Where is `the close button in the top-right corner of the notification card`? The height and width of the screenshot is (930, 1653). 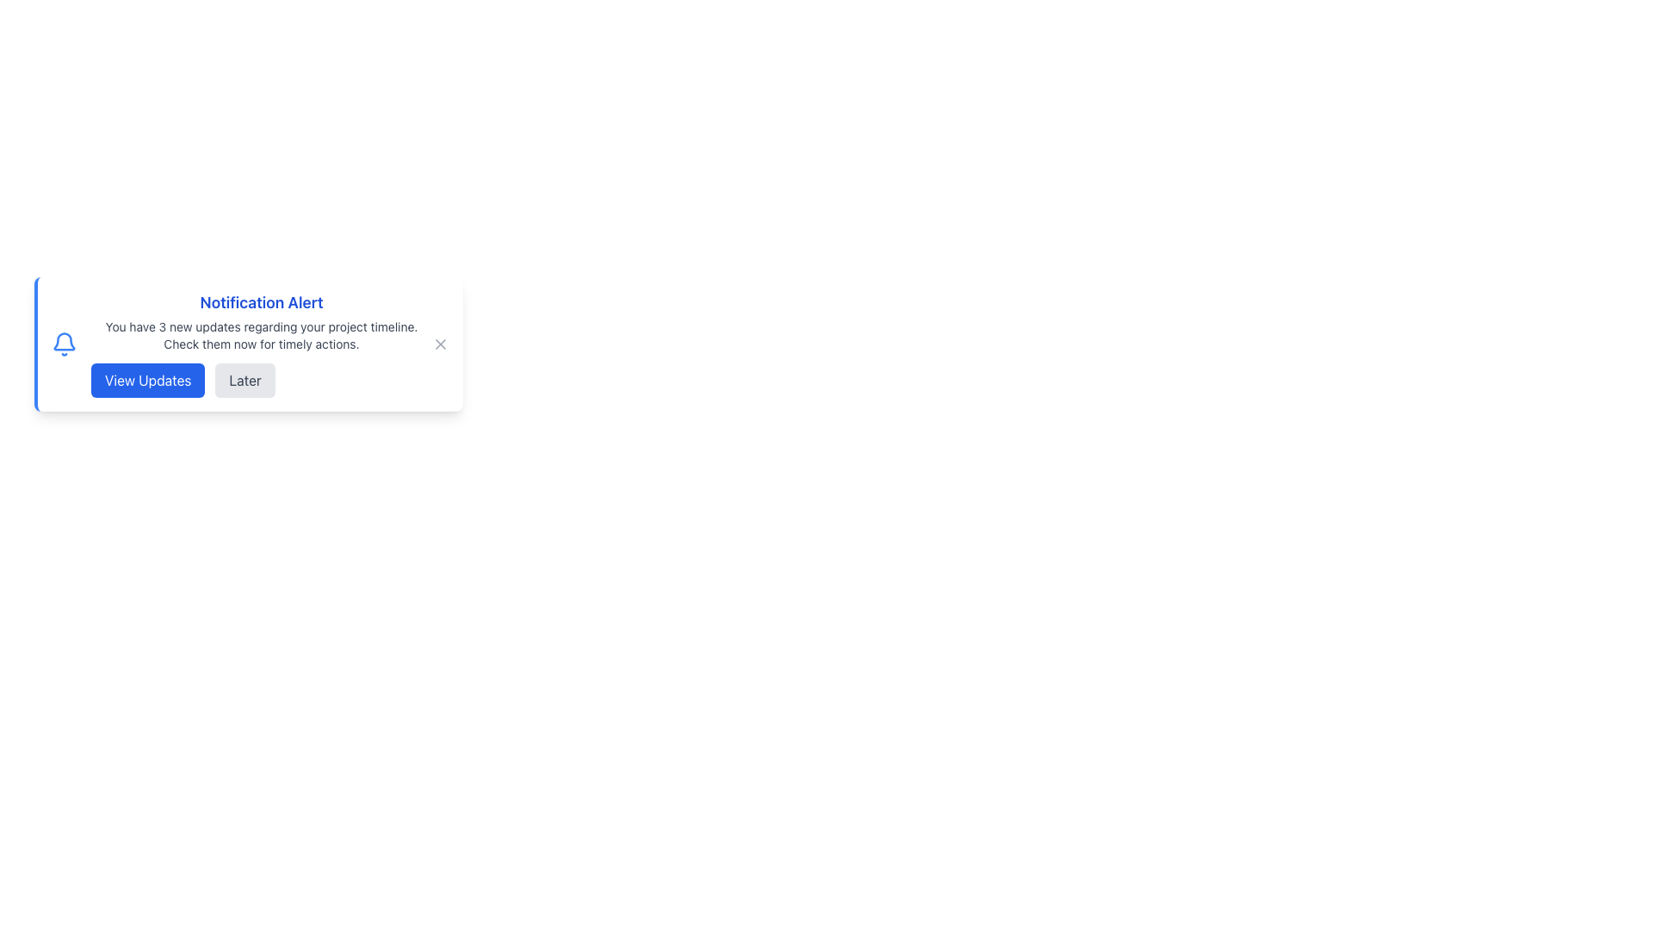
the close button in the top-right corner of the notification card is located at coordinates (441, 344).